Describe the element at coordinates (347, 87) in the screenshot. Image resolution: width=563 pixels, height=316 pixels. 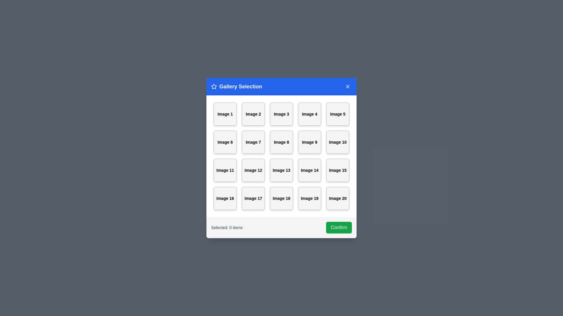
I see `the close button to close the dialog` at that location.